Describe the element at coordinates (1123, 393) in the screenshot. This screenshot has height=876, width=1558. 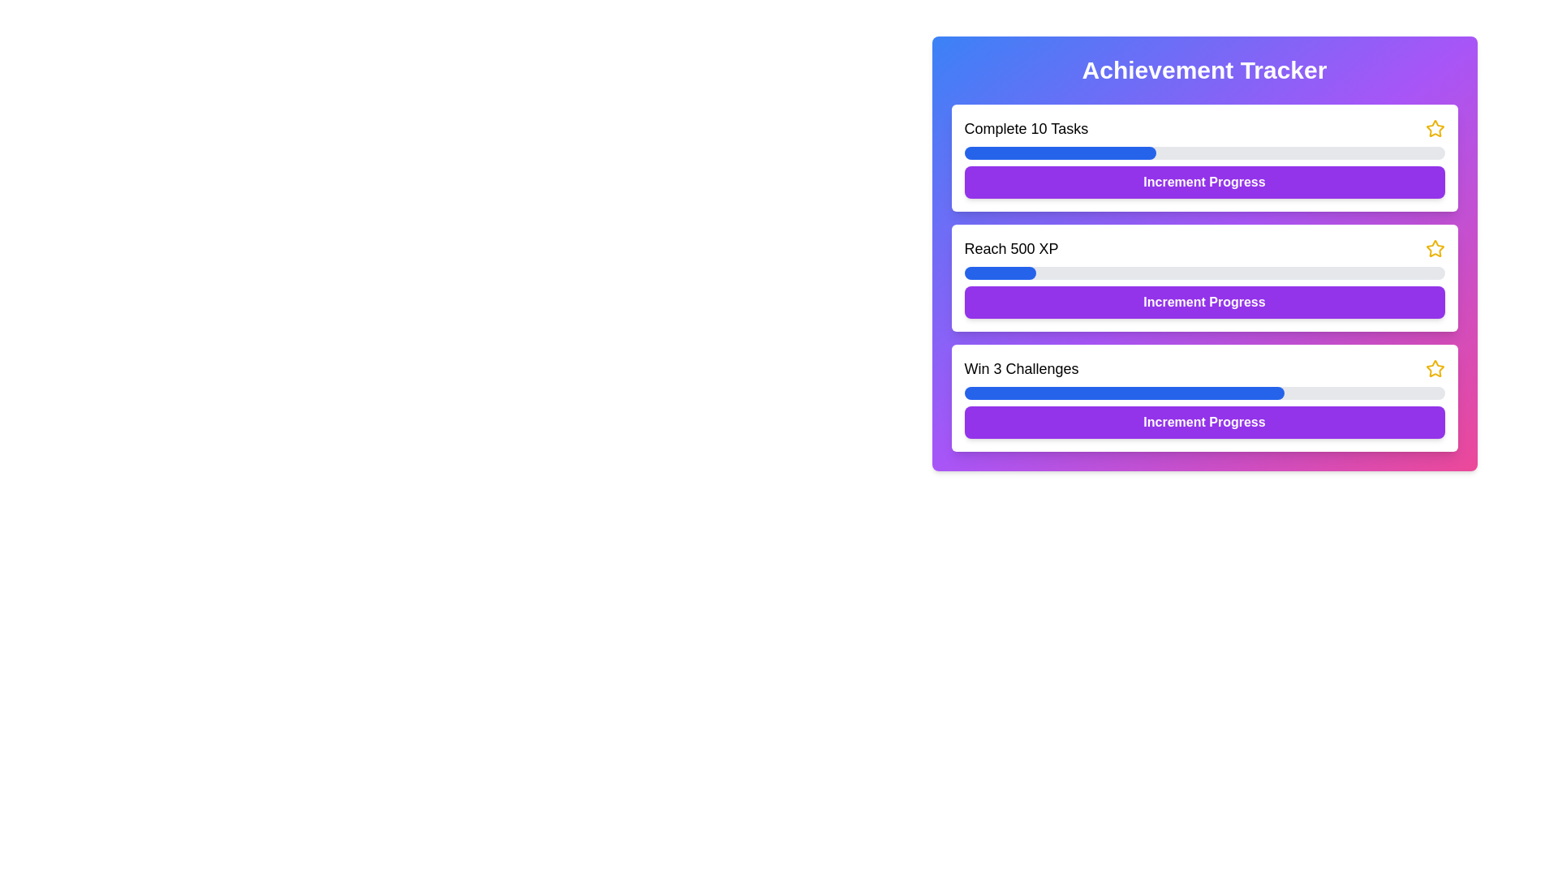
I see `the blue progress bar indicating 66.67% completion of the 'Win 3 Challenges' task, located near the bottom of the section` at that location.